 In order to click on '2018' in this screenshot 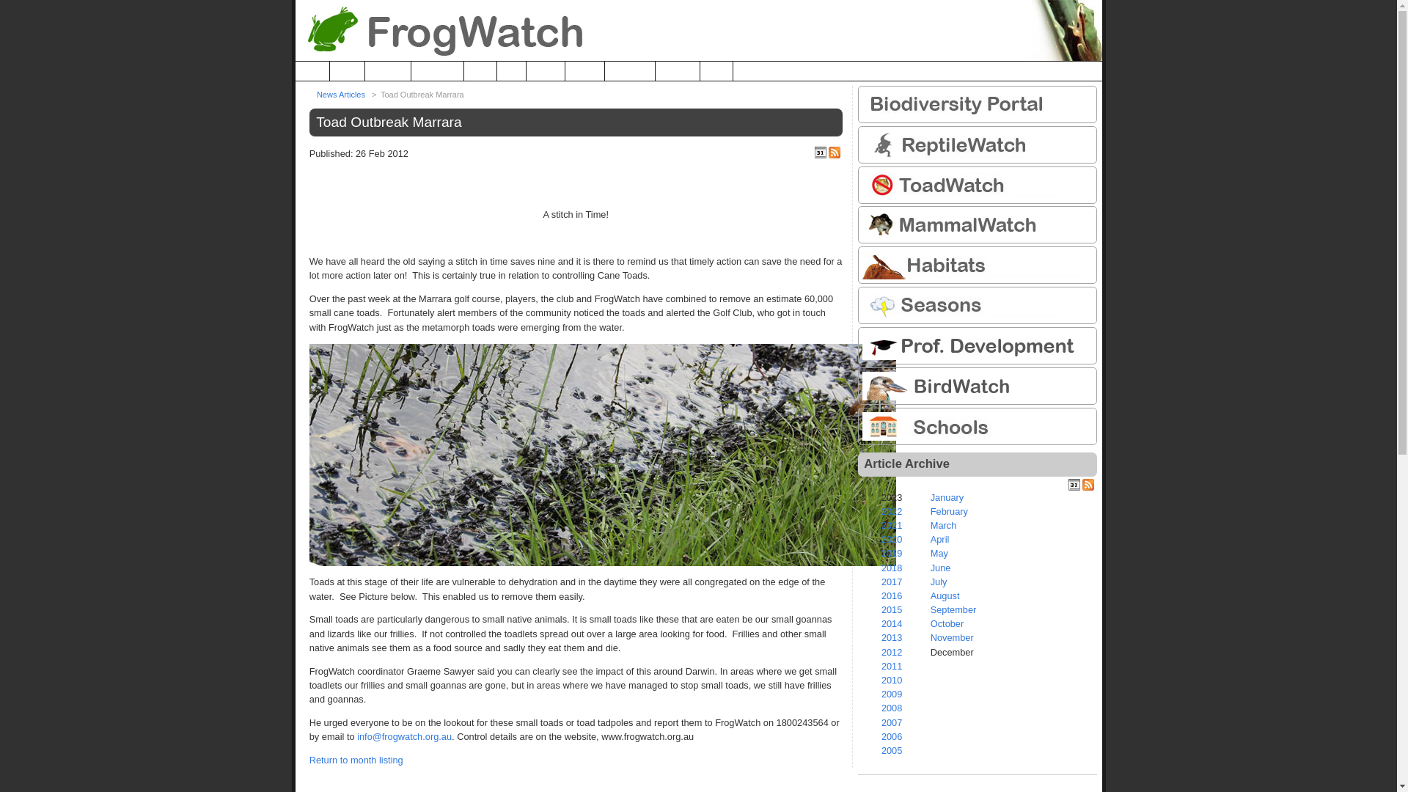, I will do `click(890, 567)`.